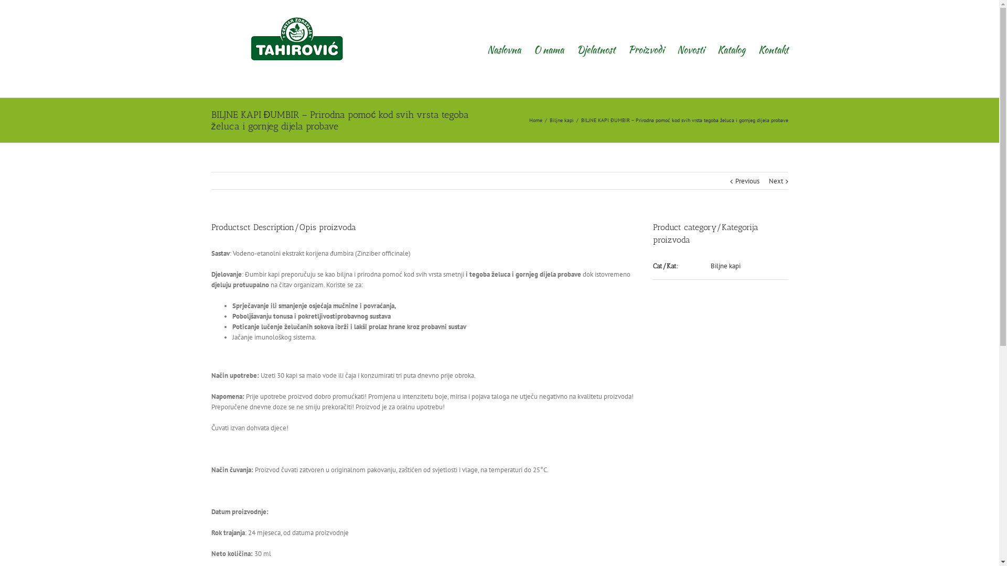  What do you see at coordinates (725, 265) in the screenshot?
I see `'Biljne kapi'` at bounding box center [725, 265].